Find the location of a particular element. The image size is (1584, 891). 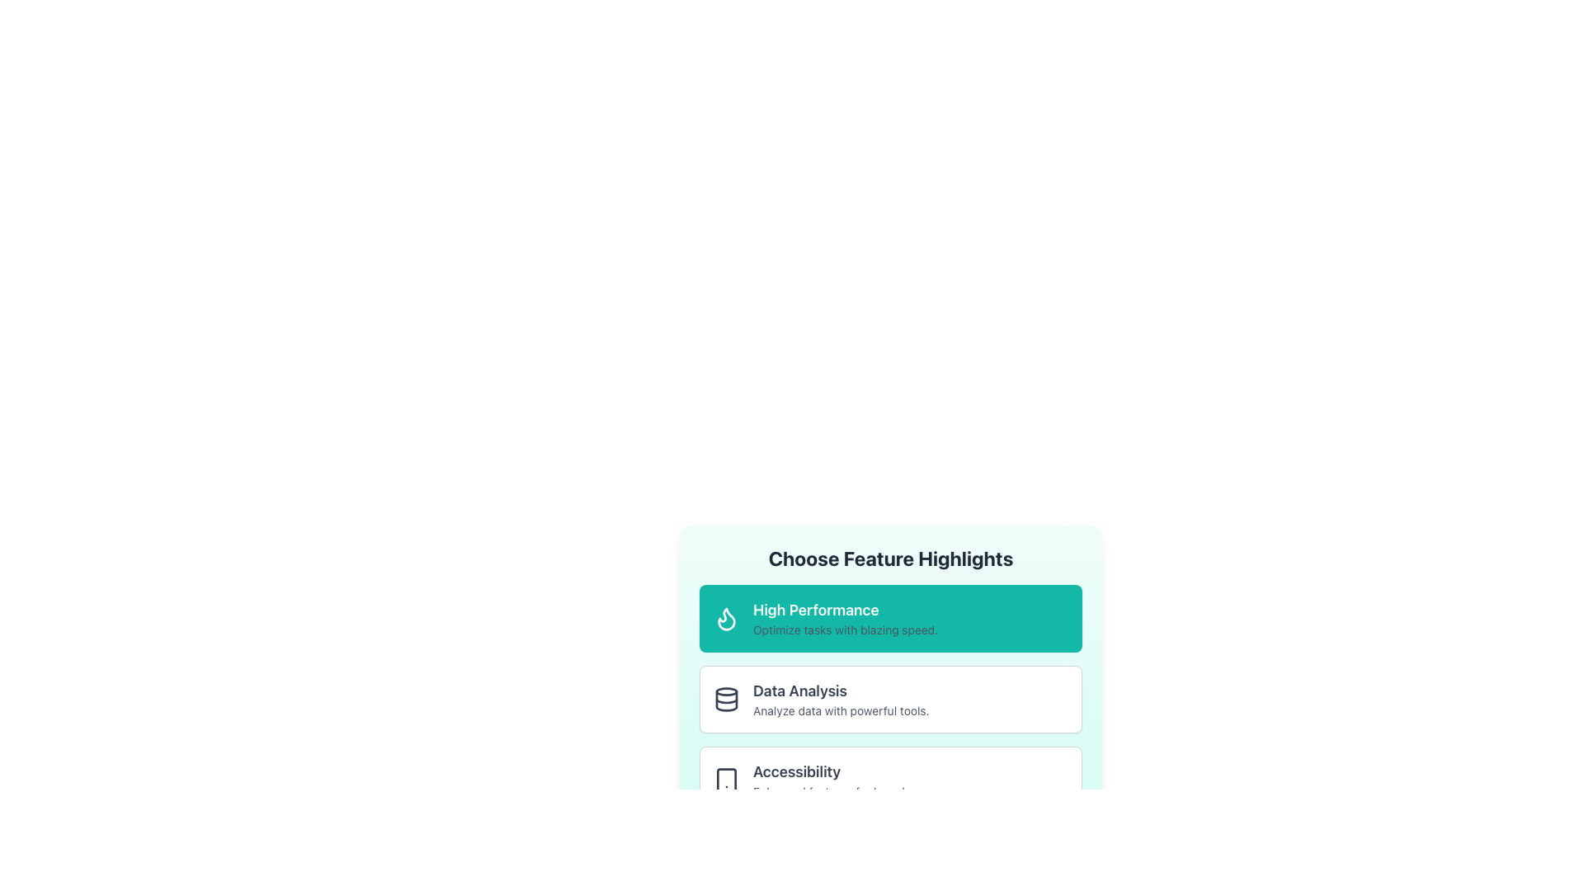

the accessibility features button located below the 'Data Analysis' component is located at coordinates (890, 780).